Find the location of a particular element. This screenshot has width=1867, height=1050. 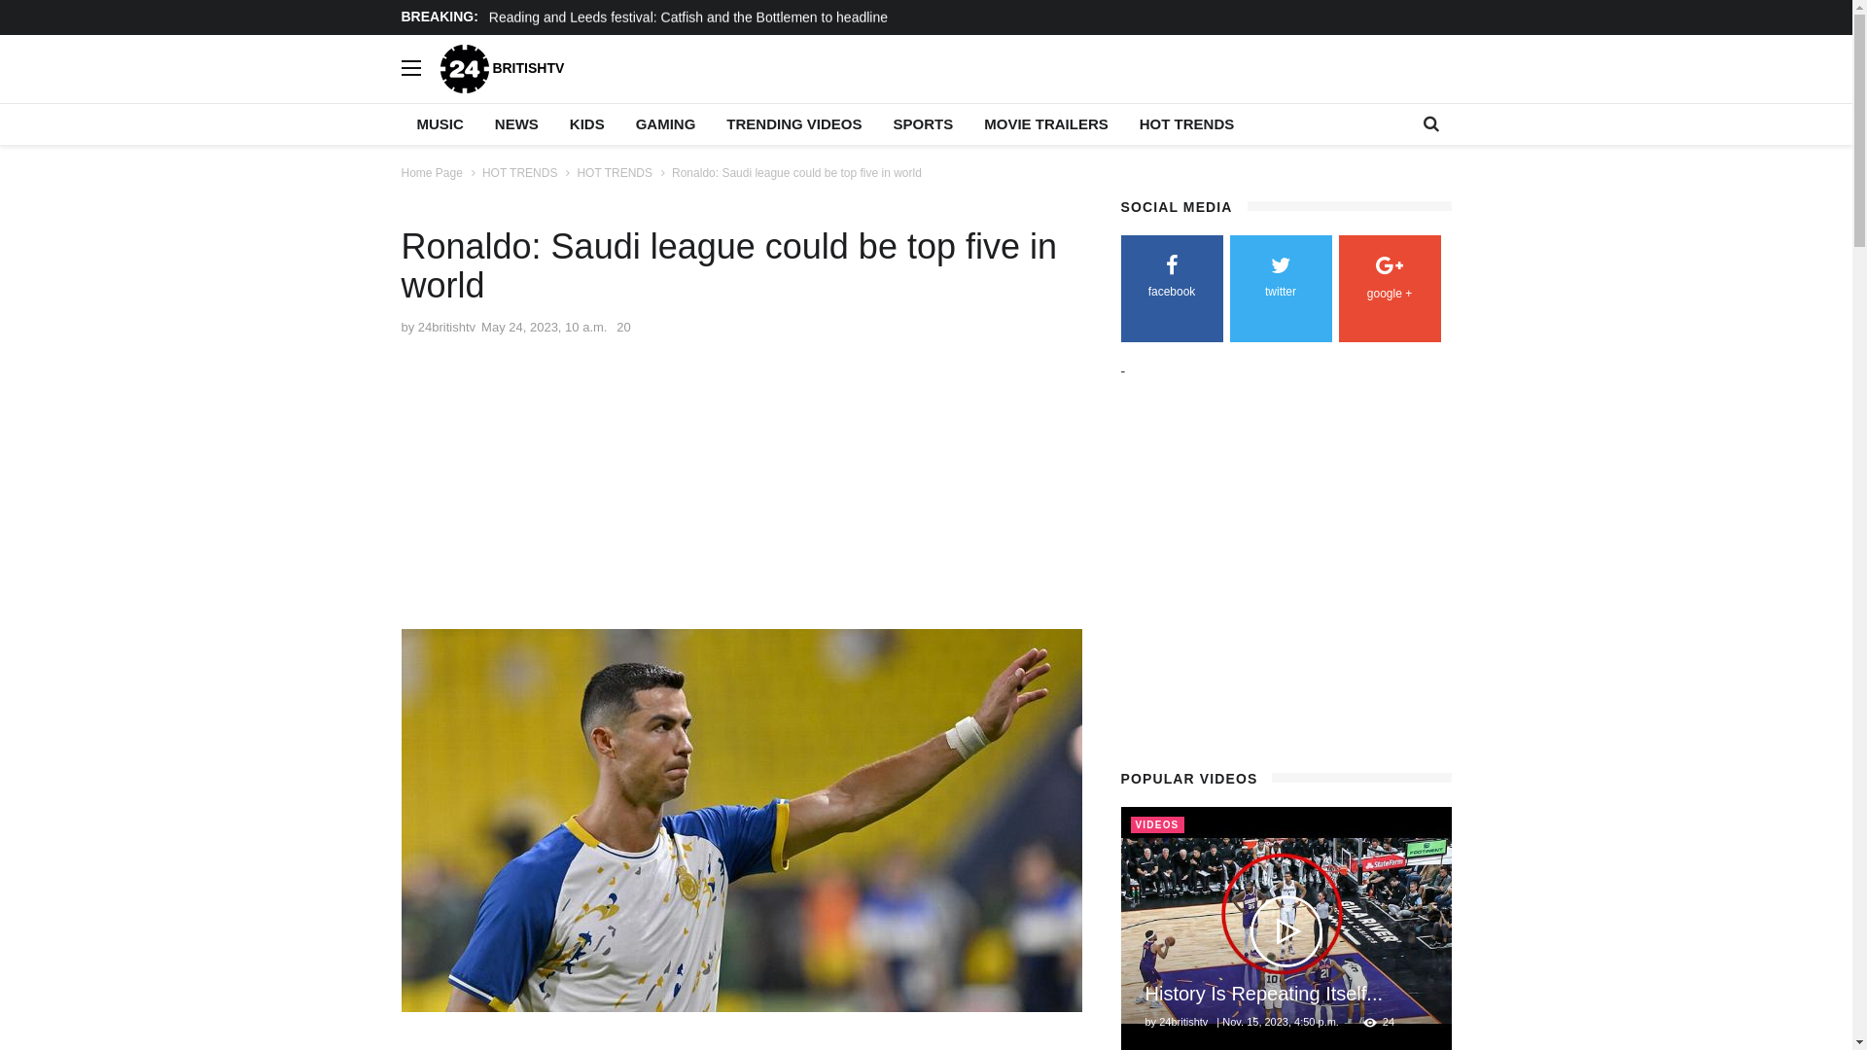

'HOT TRENDS' is located at coordinates (576, 171).